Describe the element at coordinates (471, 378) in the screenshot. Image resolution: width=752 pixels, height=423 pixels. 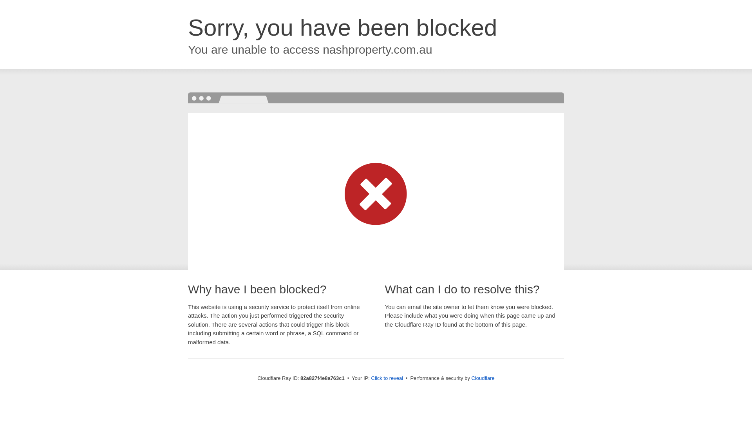
I see `'Cloudflare'` at that location.